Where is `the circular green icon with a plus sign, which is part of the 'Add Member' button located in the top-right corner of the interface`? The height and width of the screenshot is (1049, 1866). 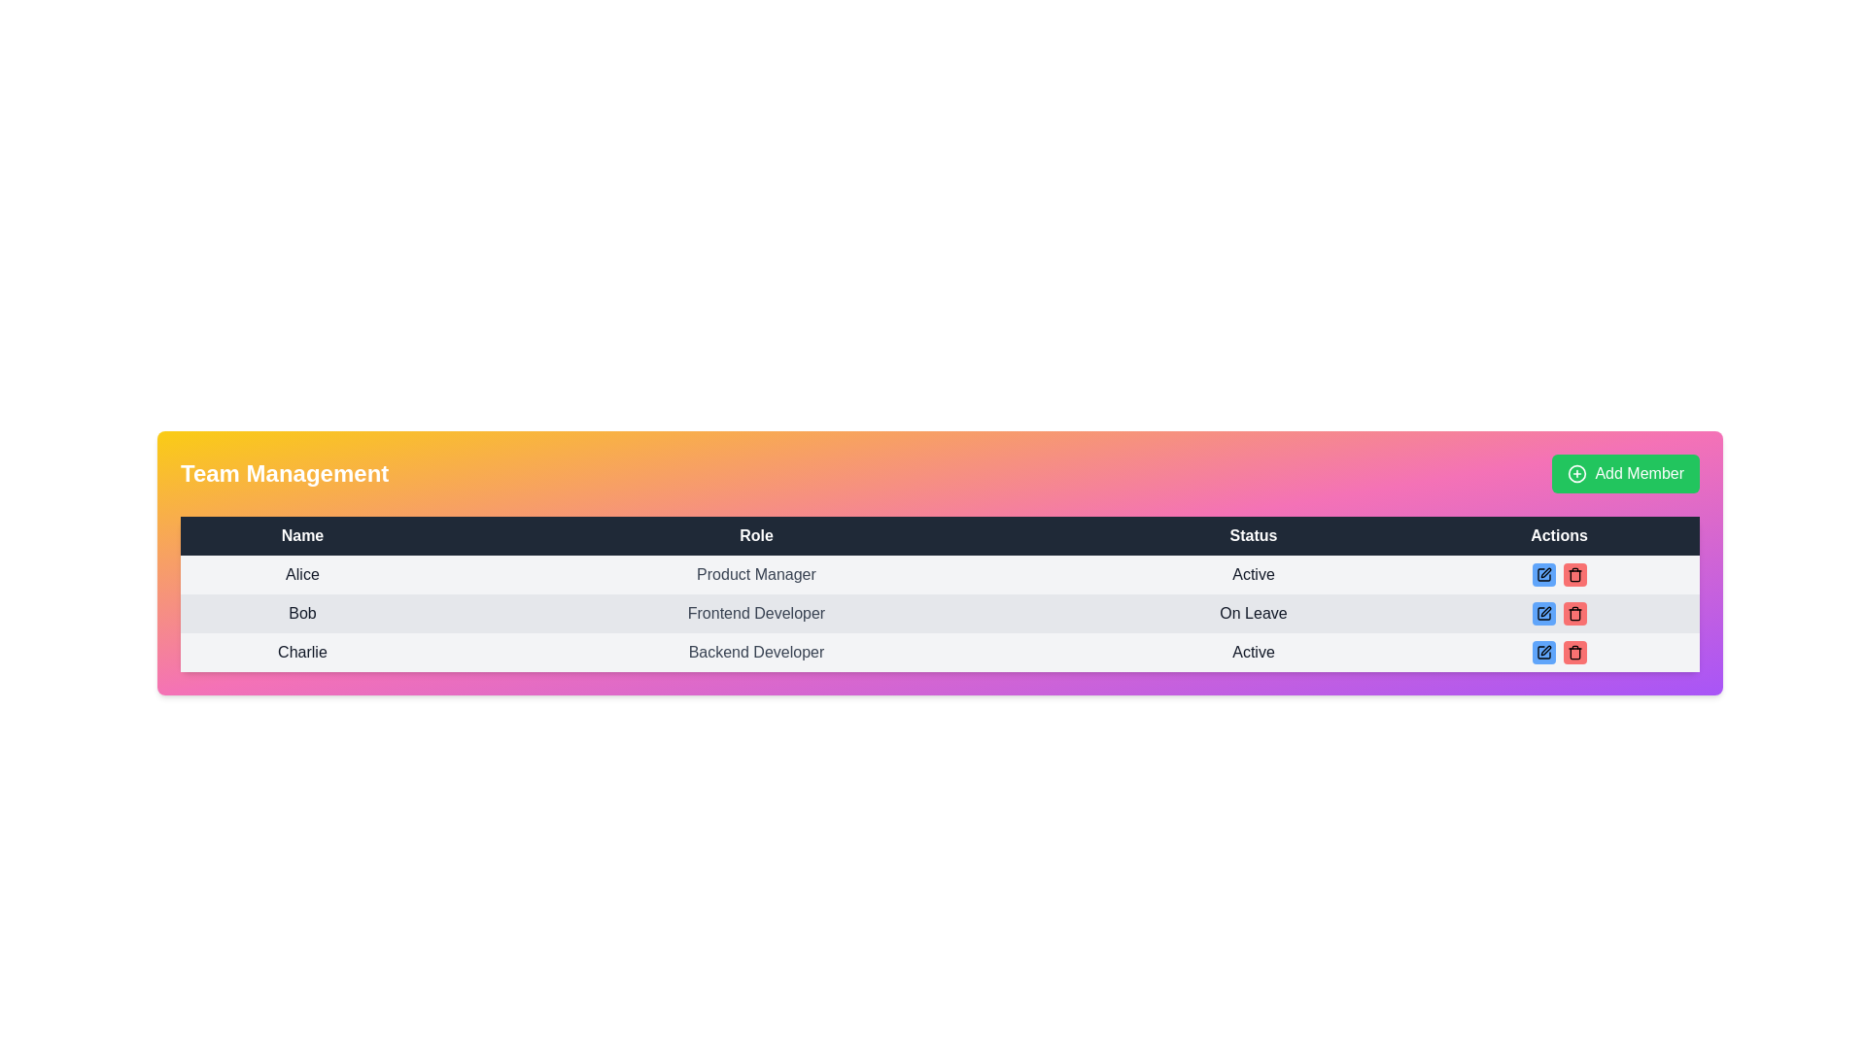 the circular green icon with a plus sign, which is part of the 'Add Member' button located in the top-right corner of the interface is located at coordinates (1577, 474).